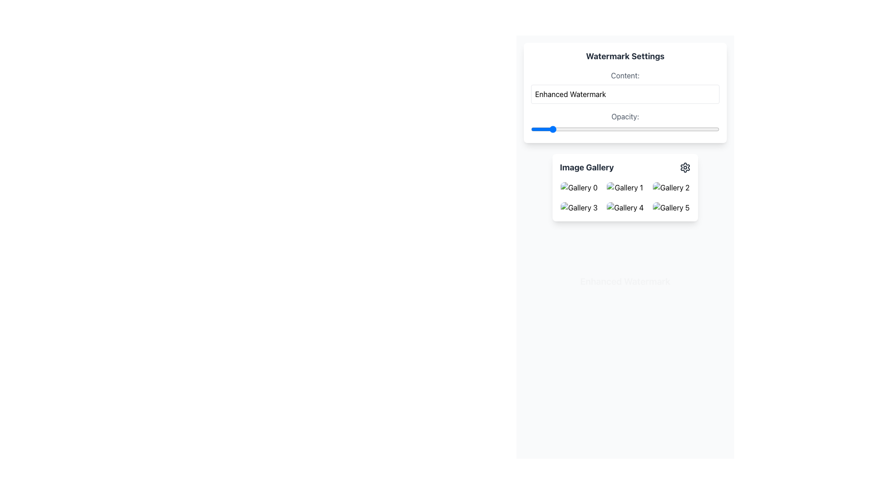 This screenshot has width=876, height=492. I want to click on the image labeled 'Gallery 2', so click(671, 187).